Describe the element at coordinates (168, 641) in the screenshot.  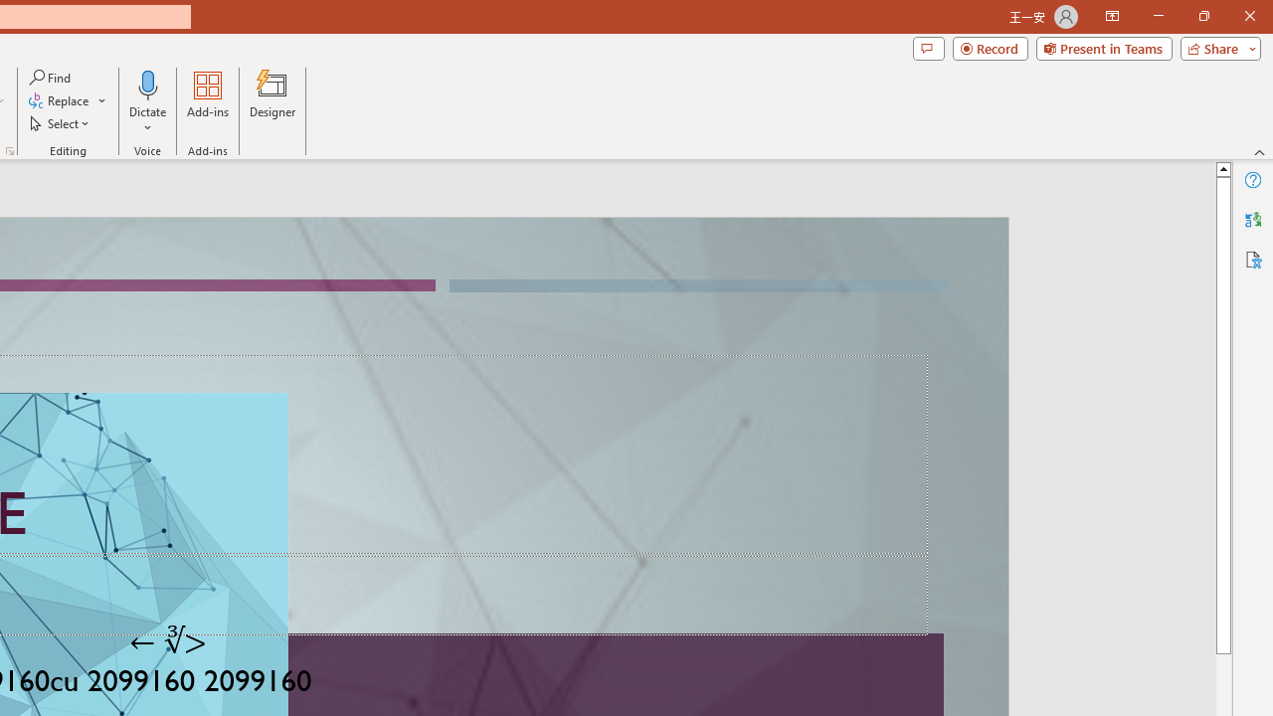
I see `'TextBox 7'` at that location.